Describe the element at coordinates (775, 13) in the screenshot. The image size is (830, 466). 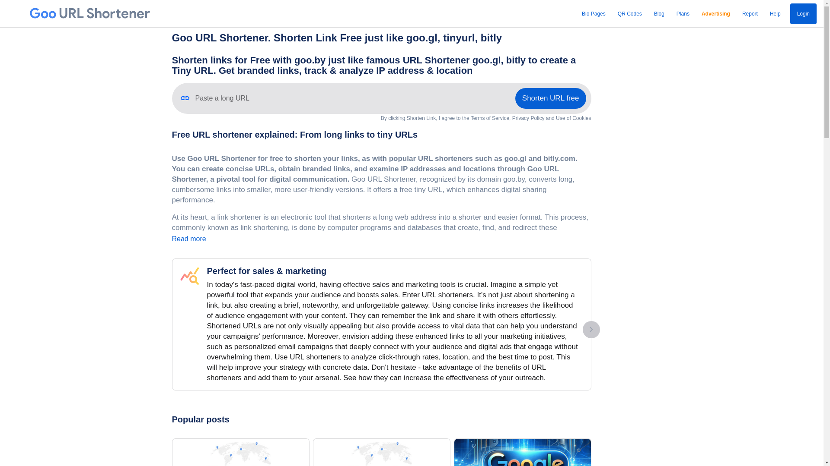
I see `'Help'` at that location.